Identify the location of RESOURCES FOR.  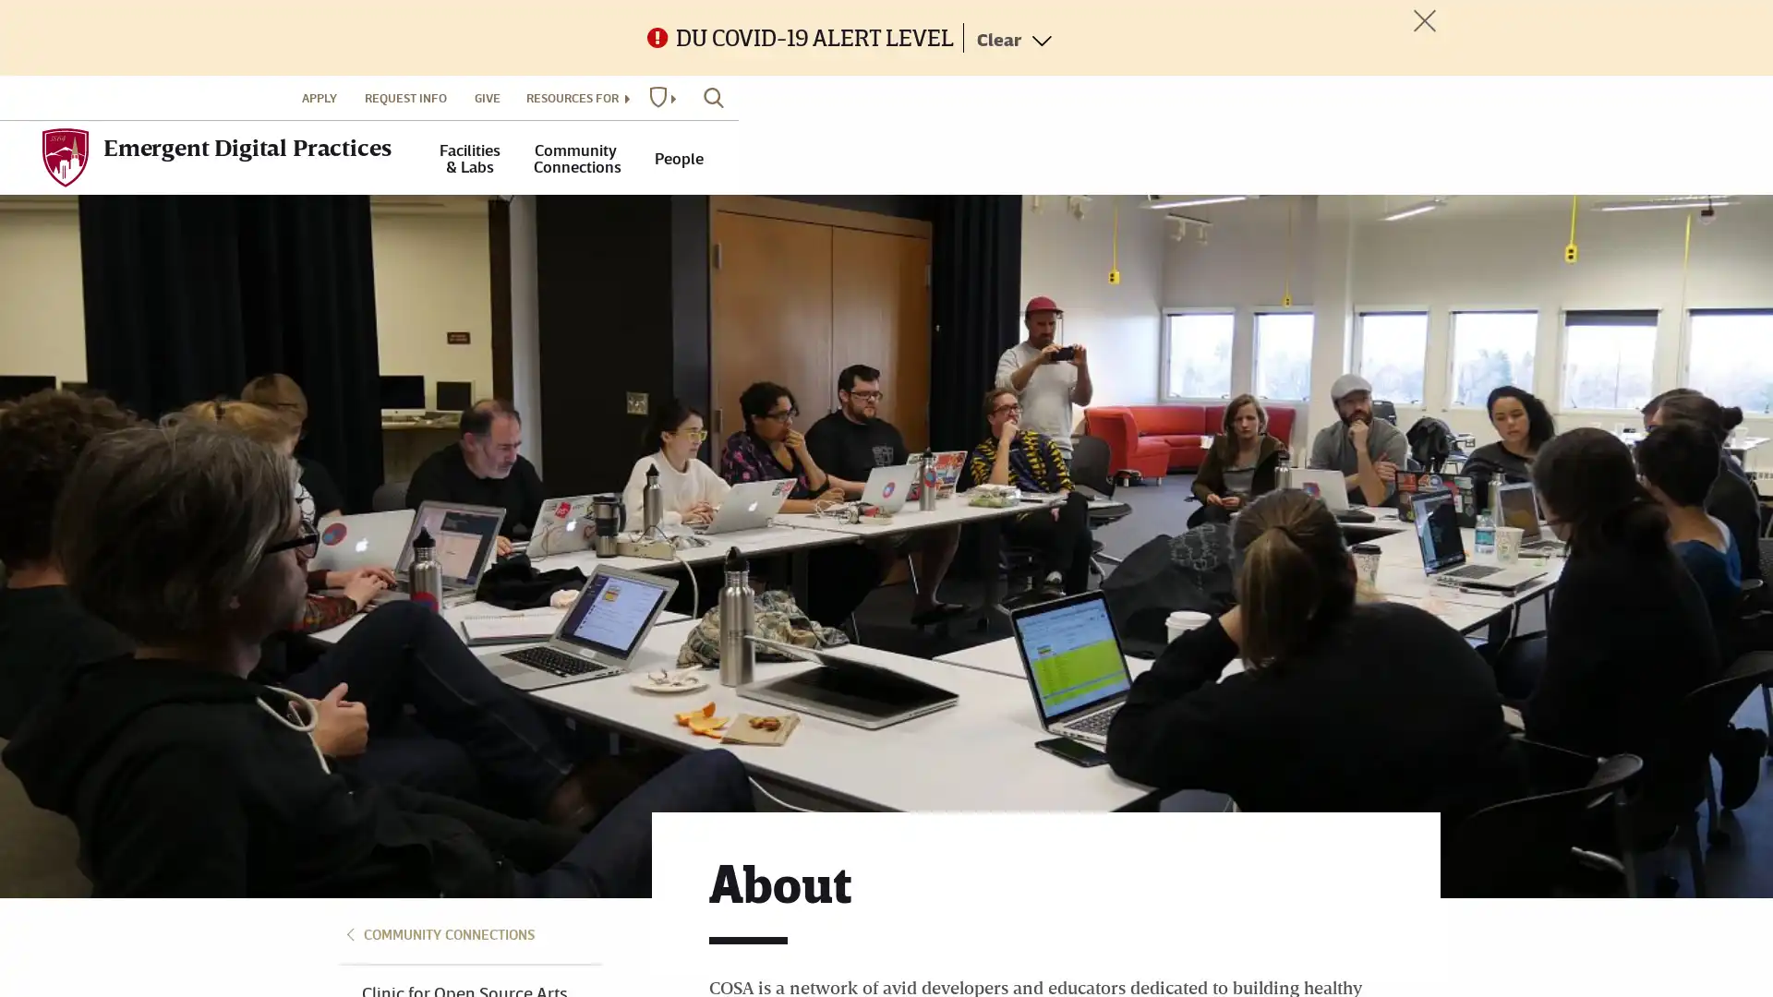
(1276, 97).